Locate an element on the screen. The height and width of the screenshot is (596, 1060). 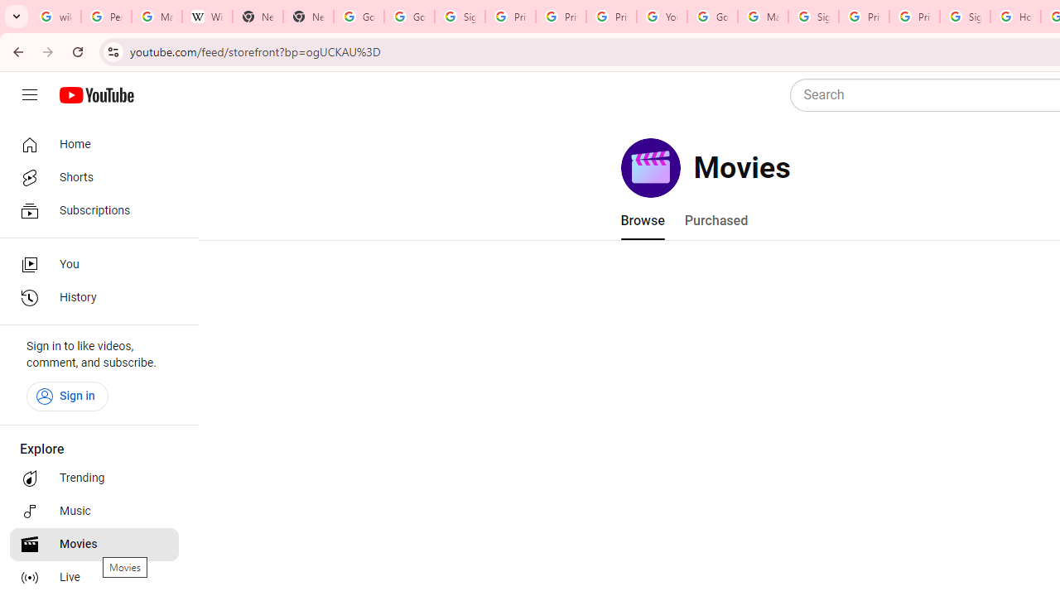
'YouTube Home' is located at coordinates (95, 95).